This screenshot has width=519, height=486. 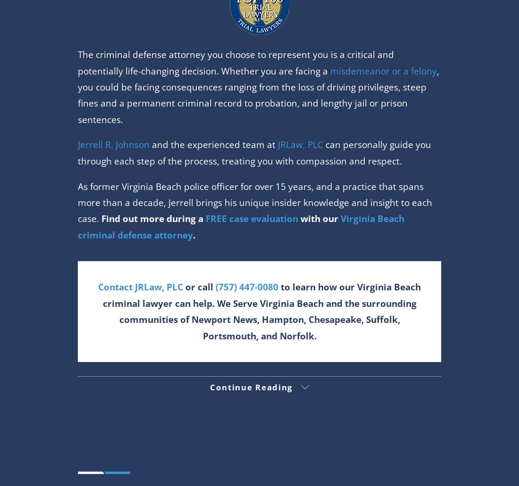 What do you see at coordinates (259, 340) in the screenshot?
I see `'(757) 447-0080'` at bounding box center [259, 340].